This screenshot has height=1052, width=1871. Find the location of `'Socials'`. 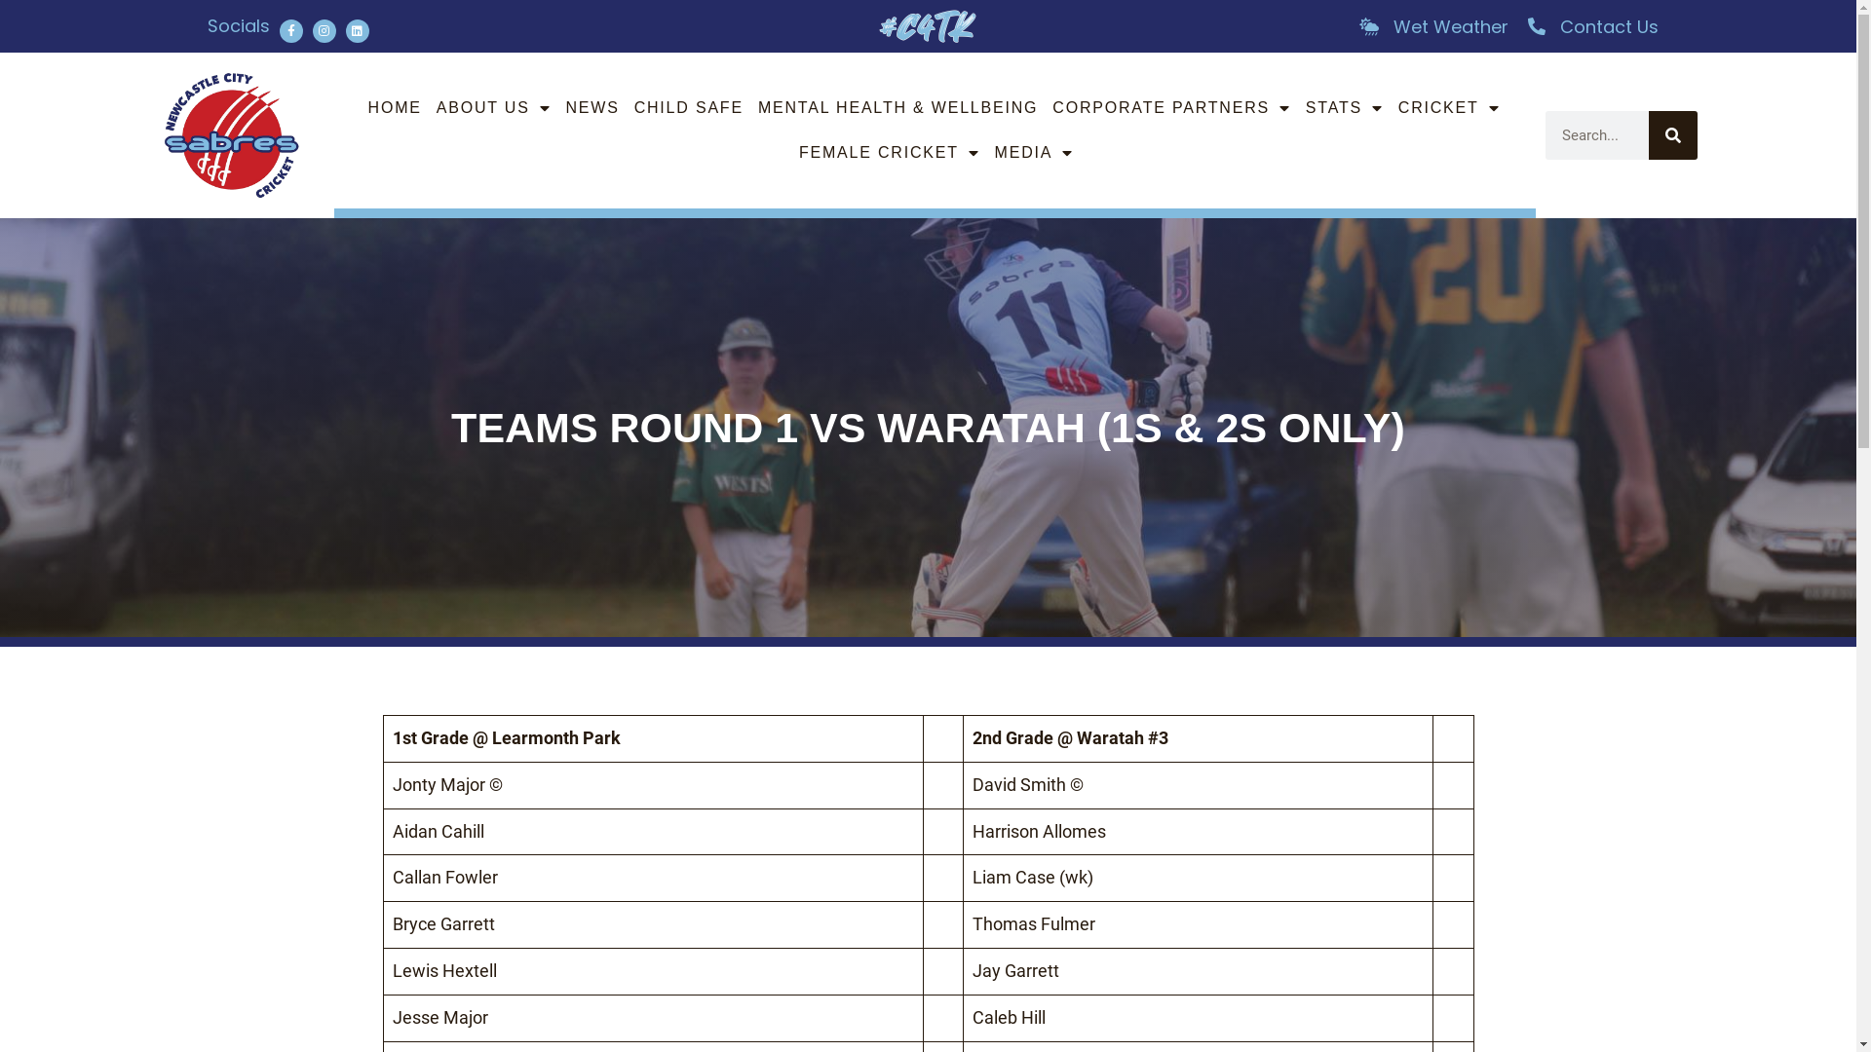

'Socials' is located at coordinates (237, 25).